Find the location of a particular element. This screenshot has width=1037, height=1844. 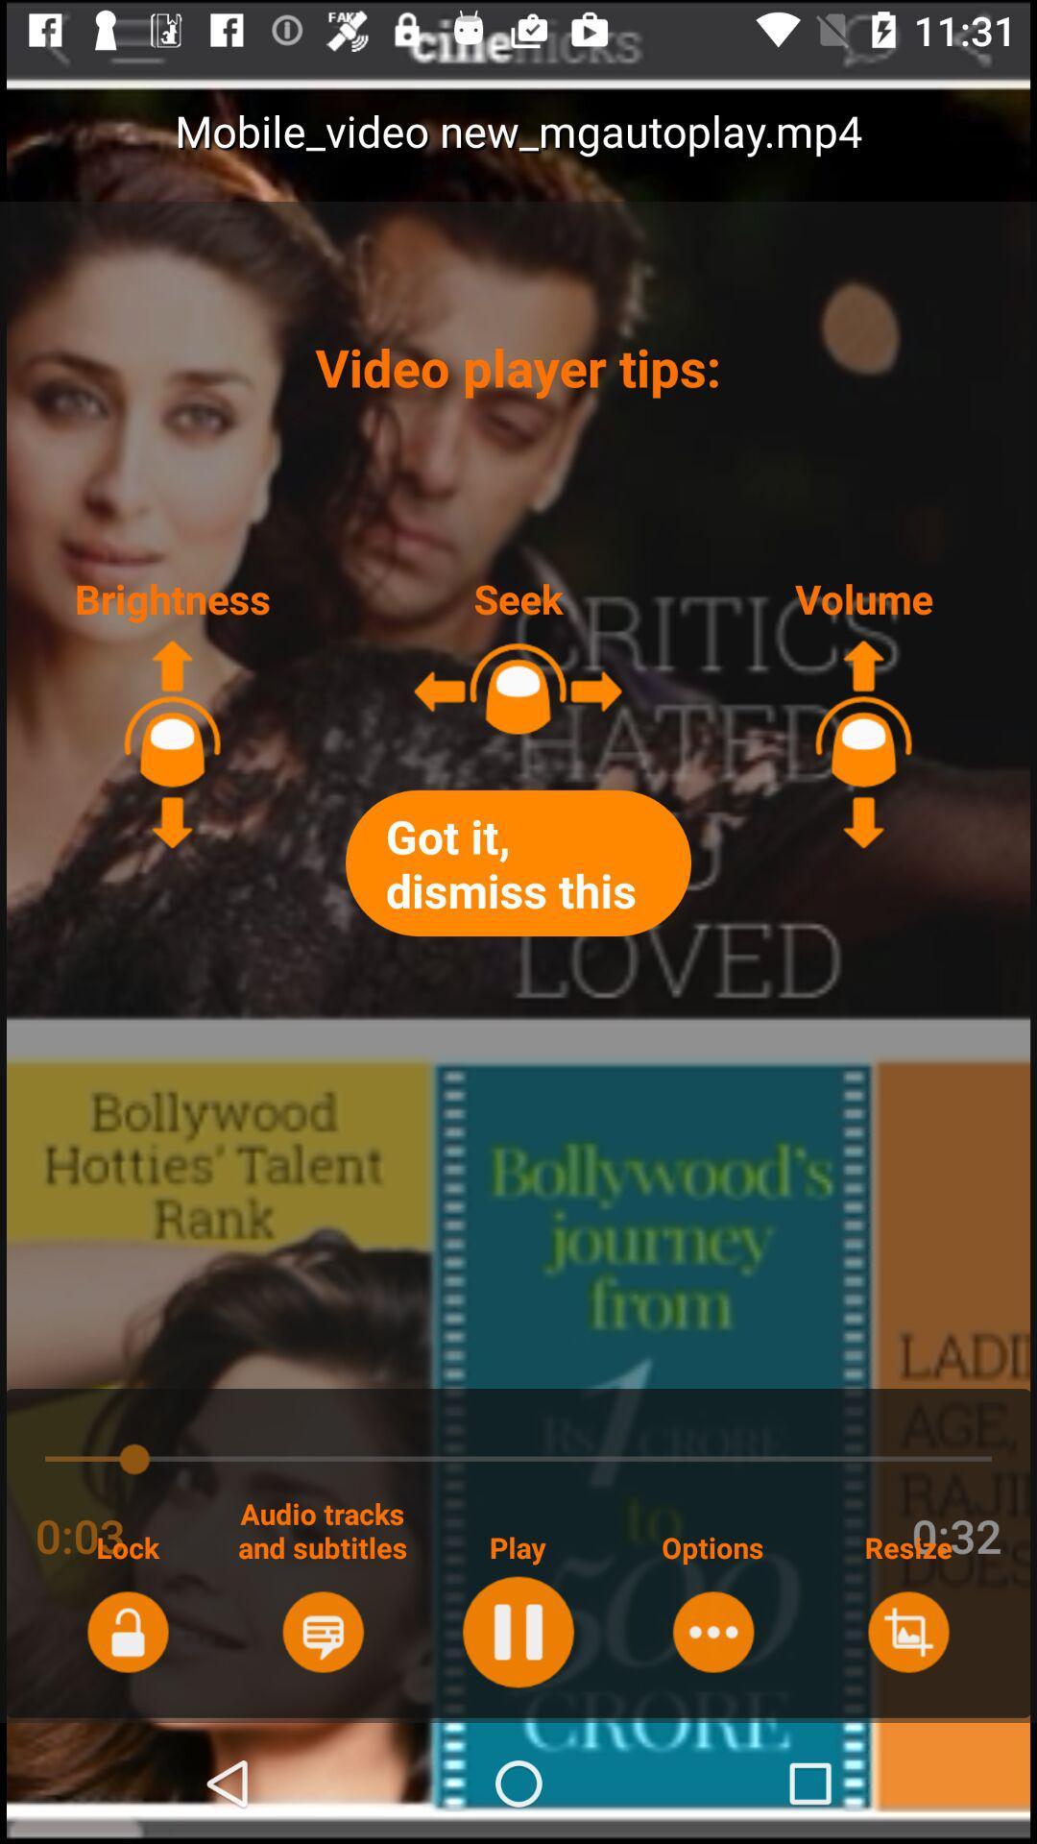

the pause icon is located at coordinates (517, 1631).